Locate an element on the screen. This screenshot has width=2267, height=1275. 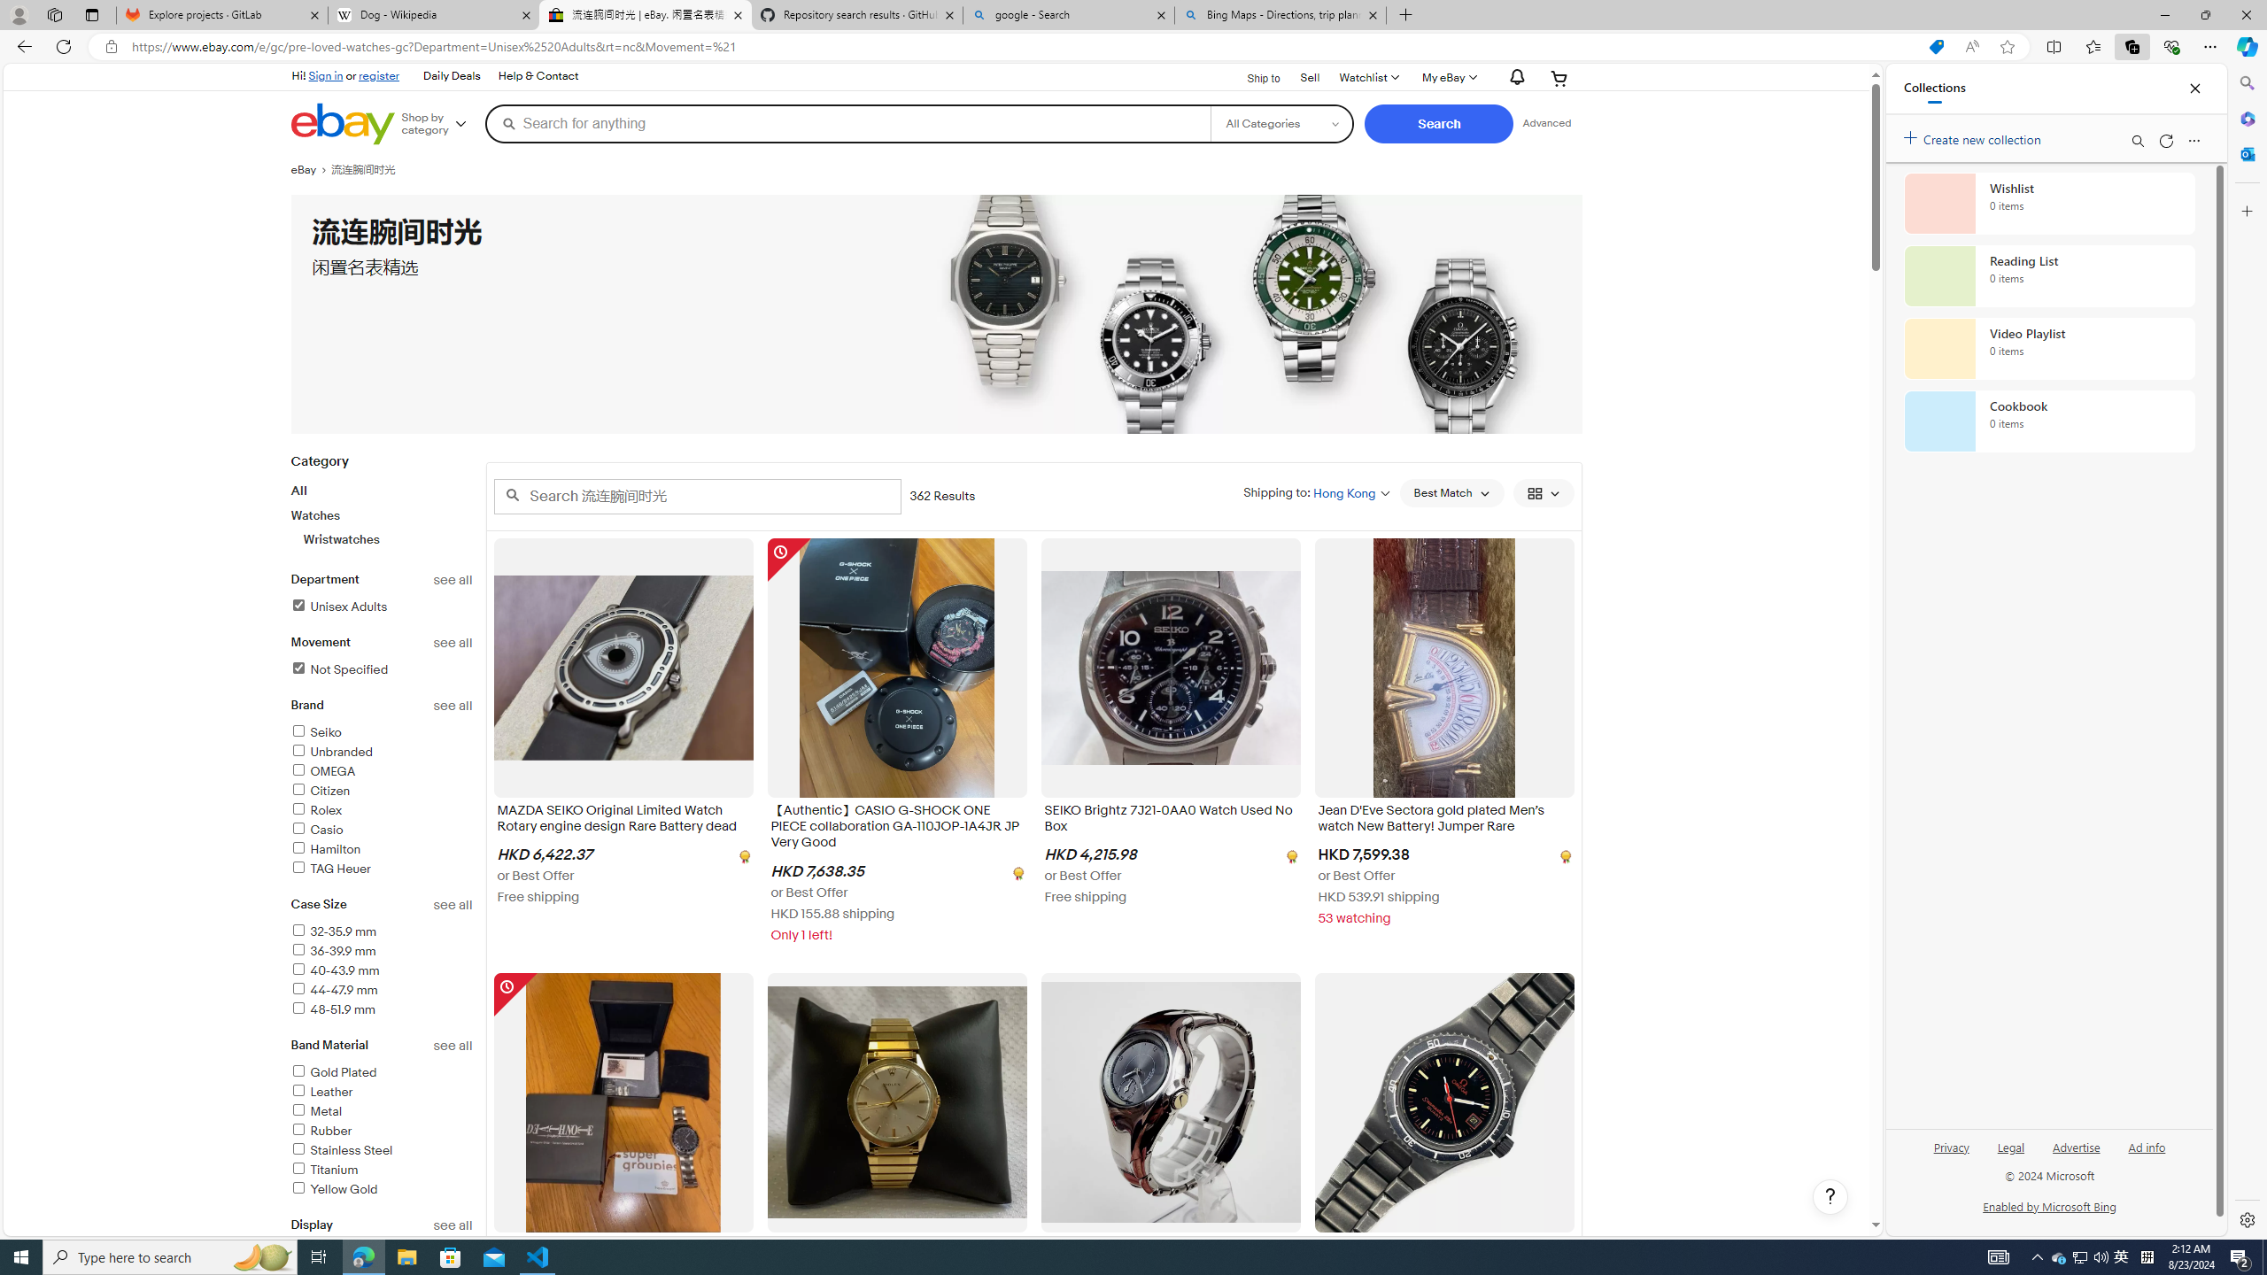
'See all brand refinements' is located at coordinates (453, 705).